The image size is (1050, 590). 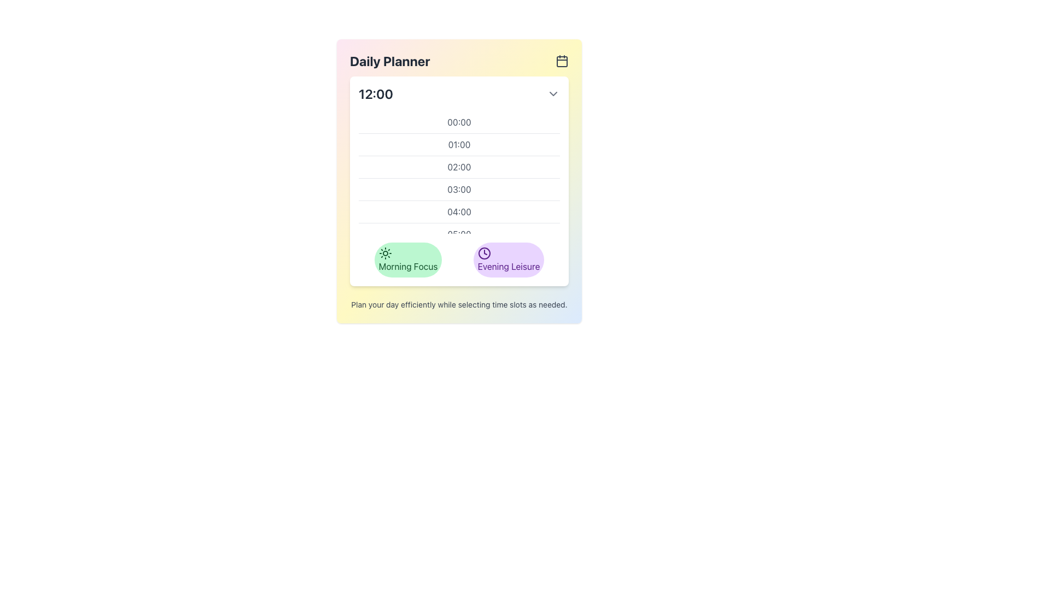 I want to click on the dropdown menu in the time management and planning interface, so click(x=459, y=180).